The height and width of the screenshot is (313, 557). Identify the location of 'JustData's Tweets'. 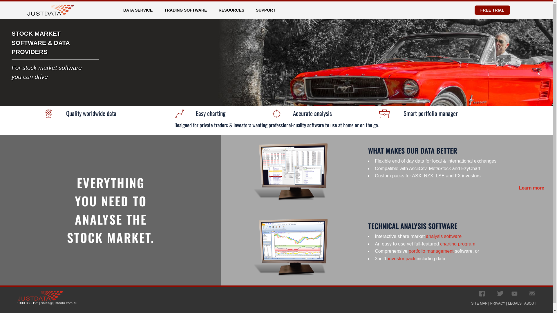
(500, 294).